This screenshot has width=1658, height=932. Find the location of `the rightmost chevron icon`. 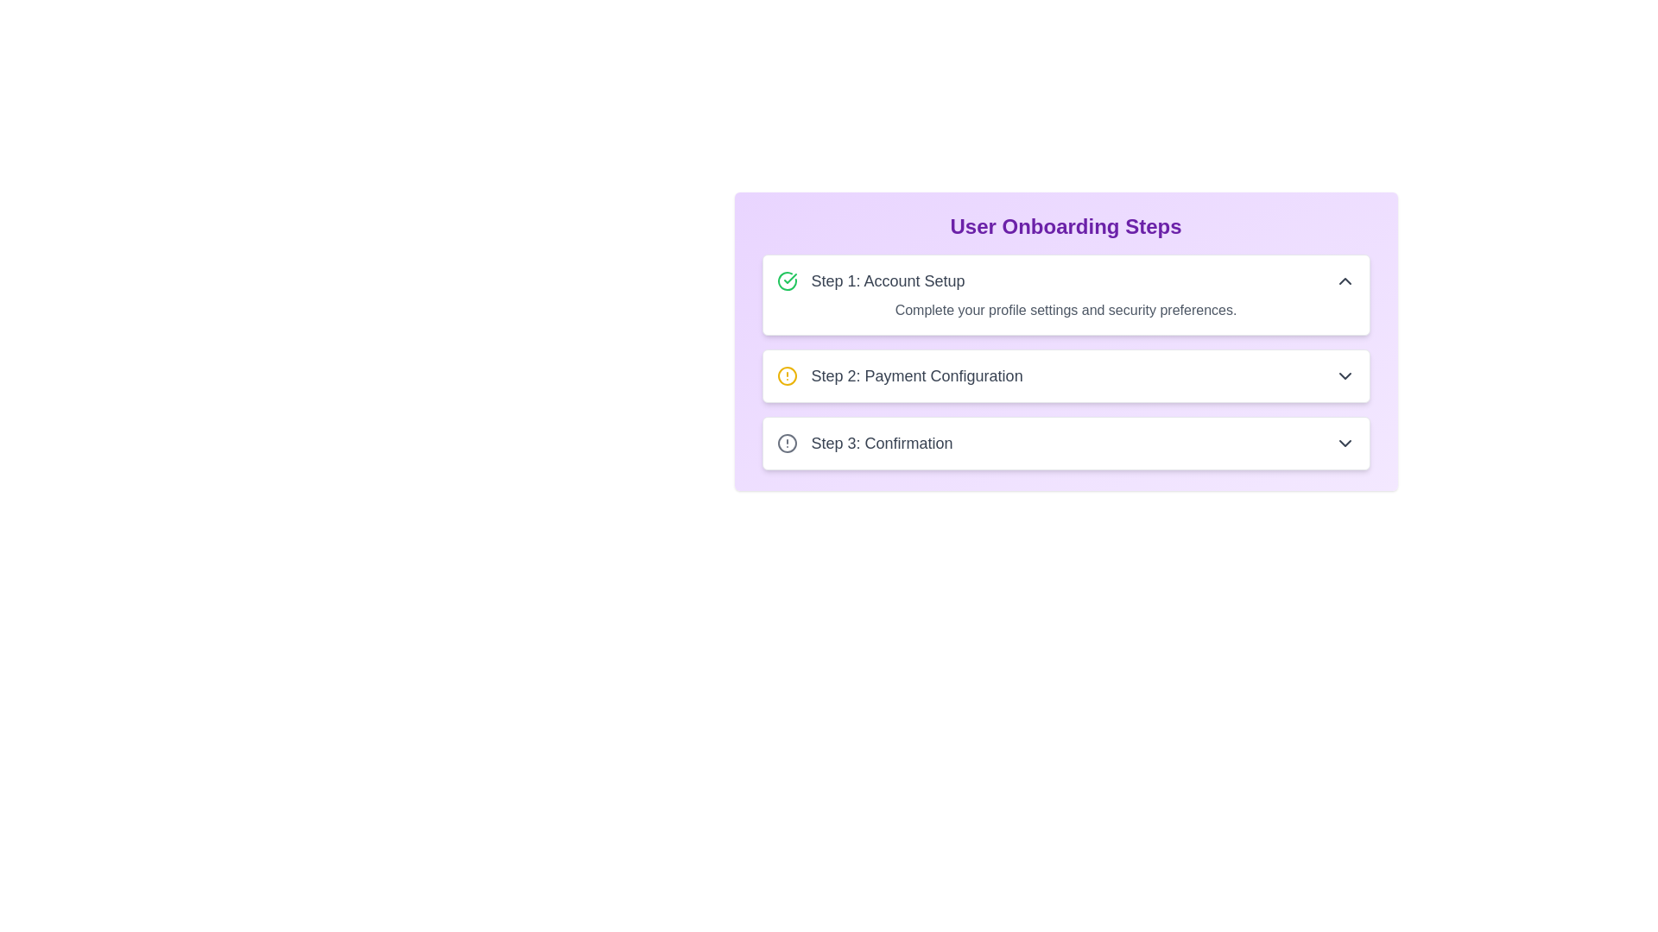

the rightmost chevron icon is located at coordinates (1344, 442).